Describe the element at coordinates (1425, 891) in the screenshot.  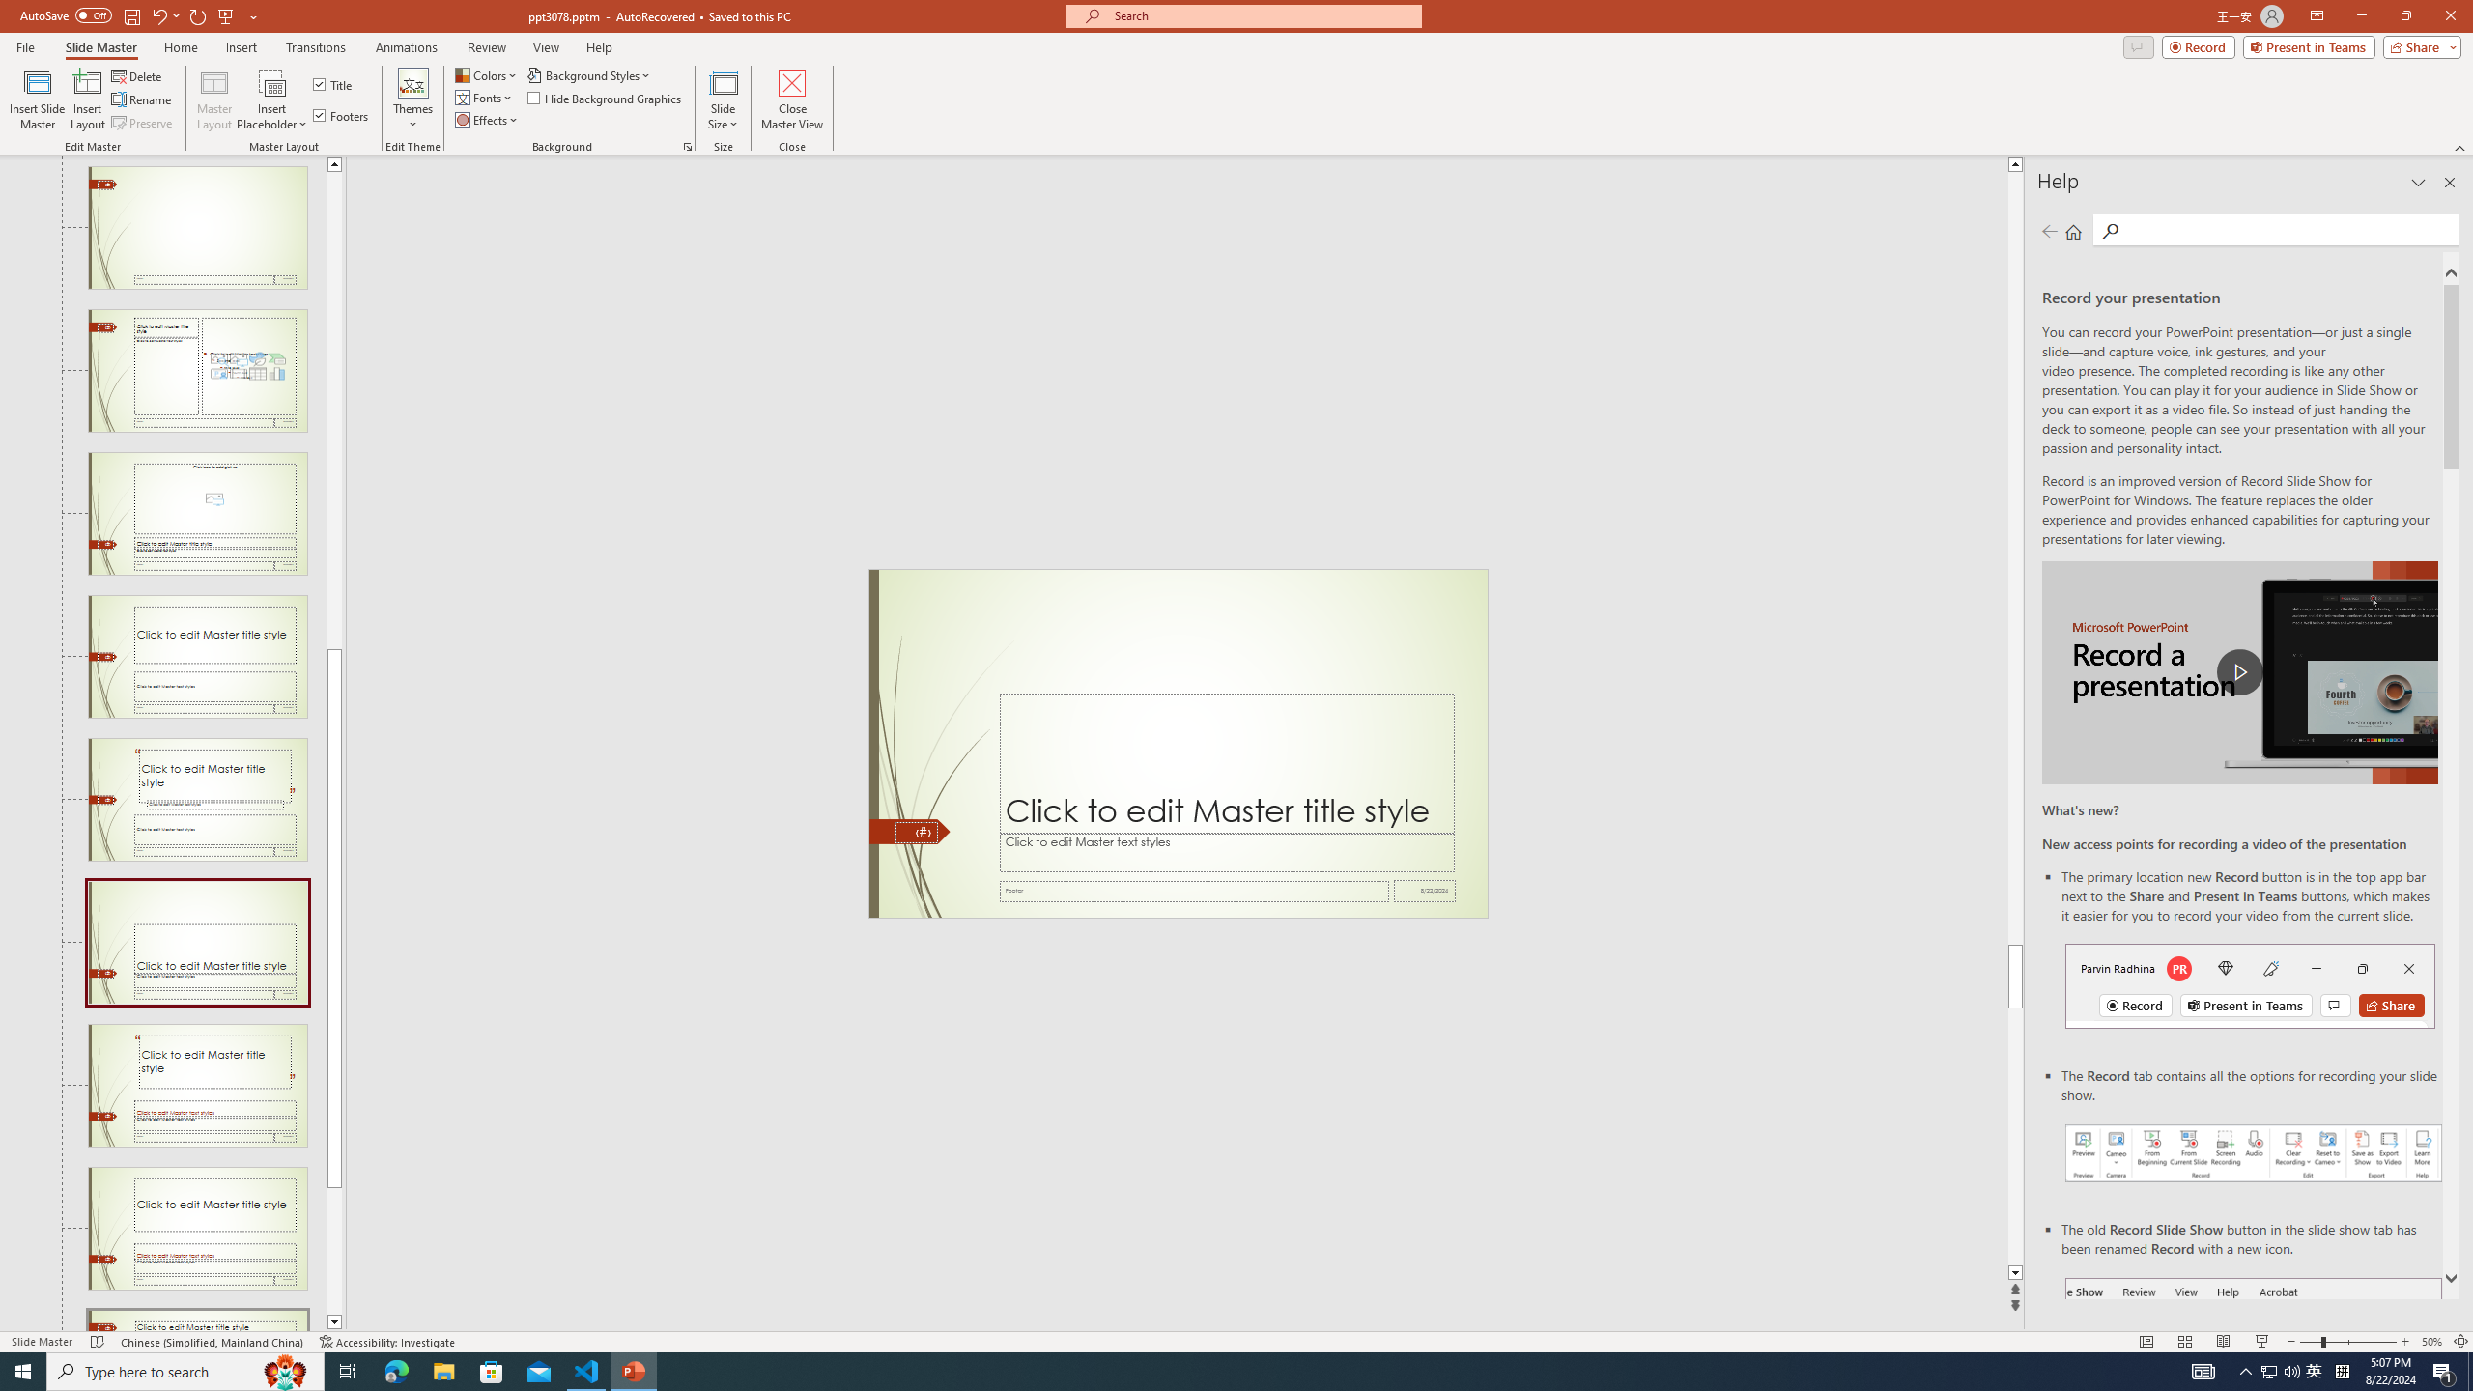
I see `'Date'` at that location.